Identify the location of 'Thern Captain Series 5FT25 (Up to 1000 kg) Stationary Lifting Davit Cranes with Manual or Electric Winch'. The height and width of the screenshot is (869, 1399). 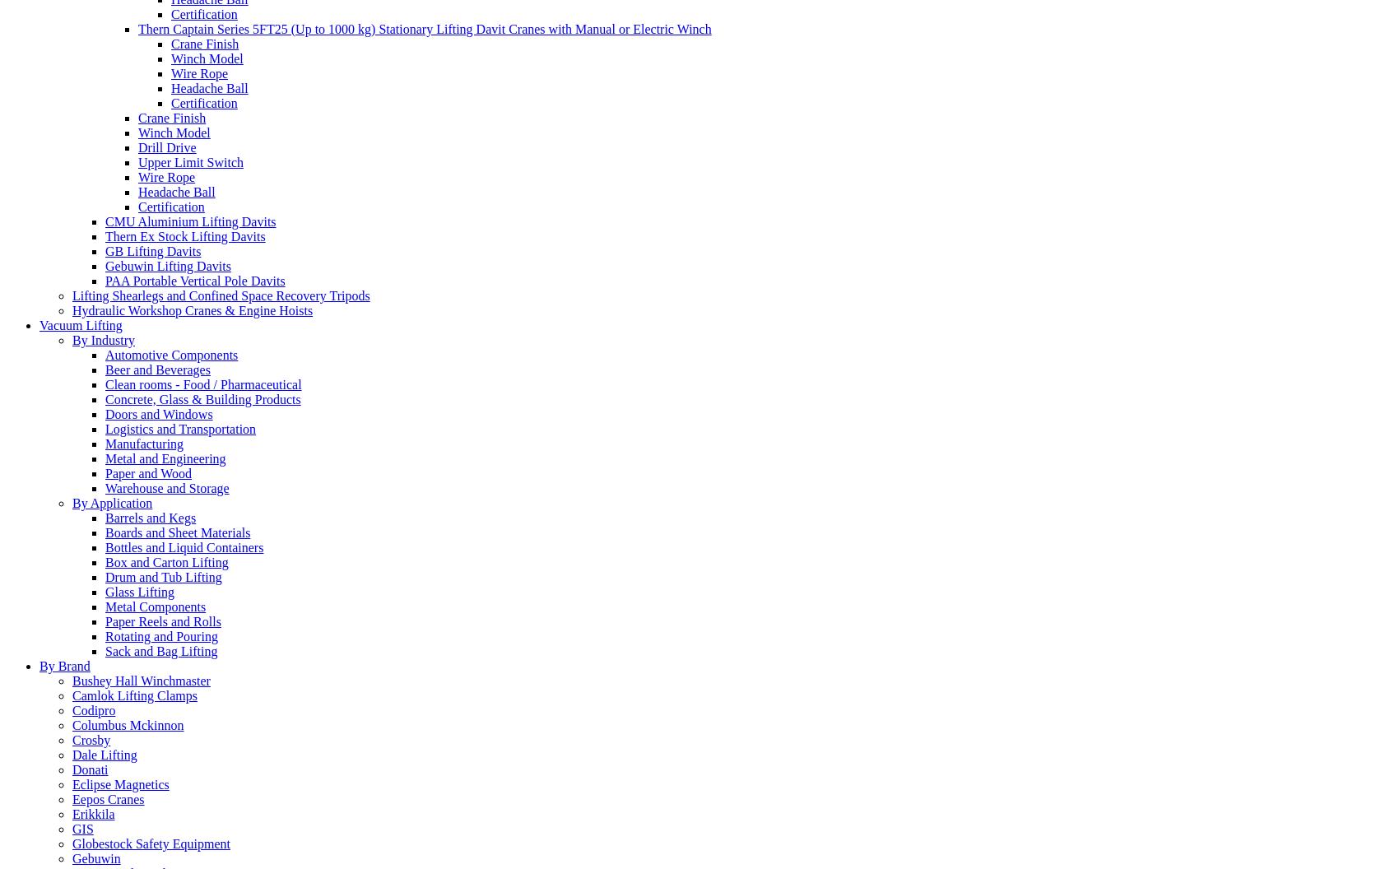
(424, 28).